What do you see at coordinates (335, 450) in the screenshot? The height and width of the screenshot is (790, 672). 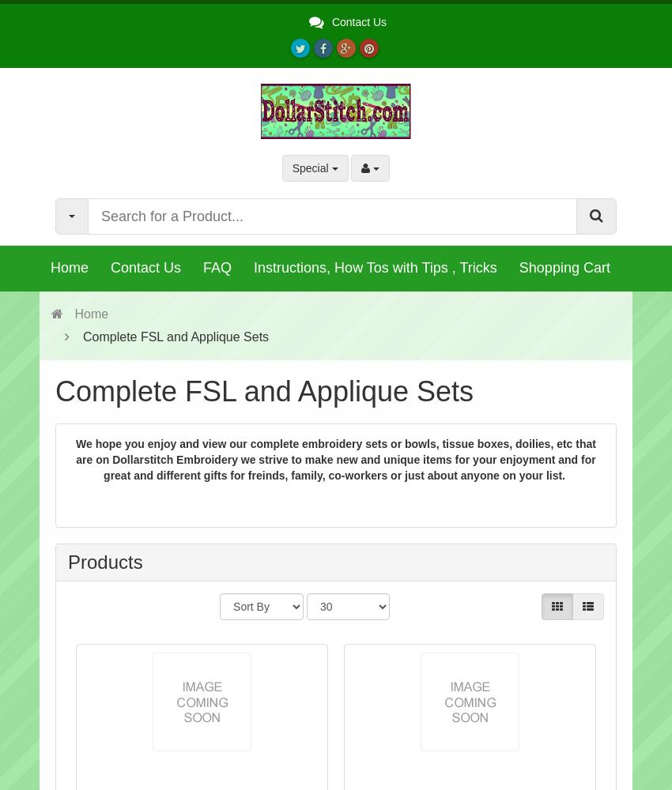 I see `'We hope you enjoy and view our complete embroidery sets or bowls, tissue boxes, doilies, etc that are'` at bounding box center [335, 450].